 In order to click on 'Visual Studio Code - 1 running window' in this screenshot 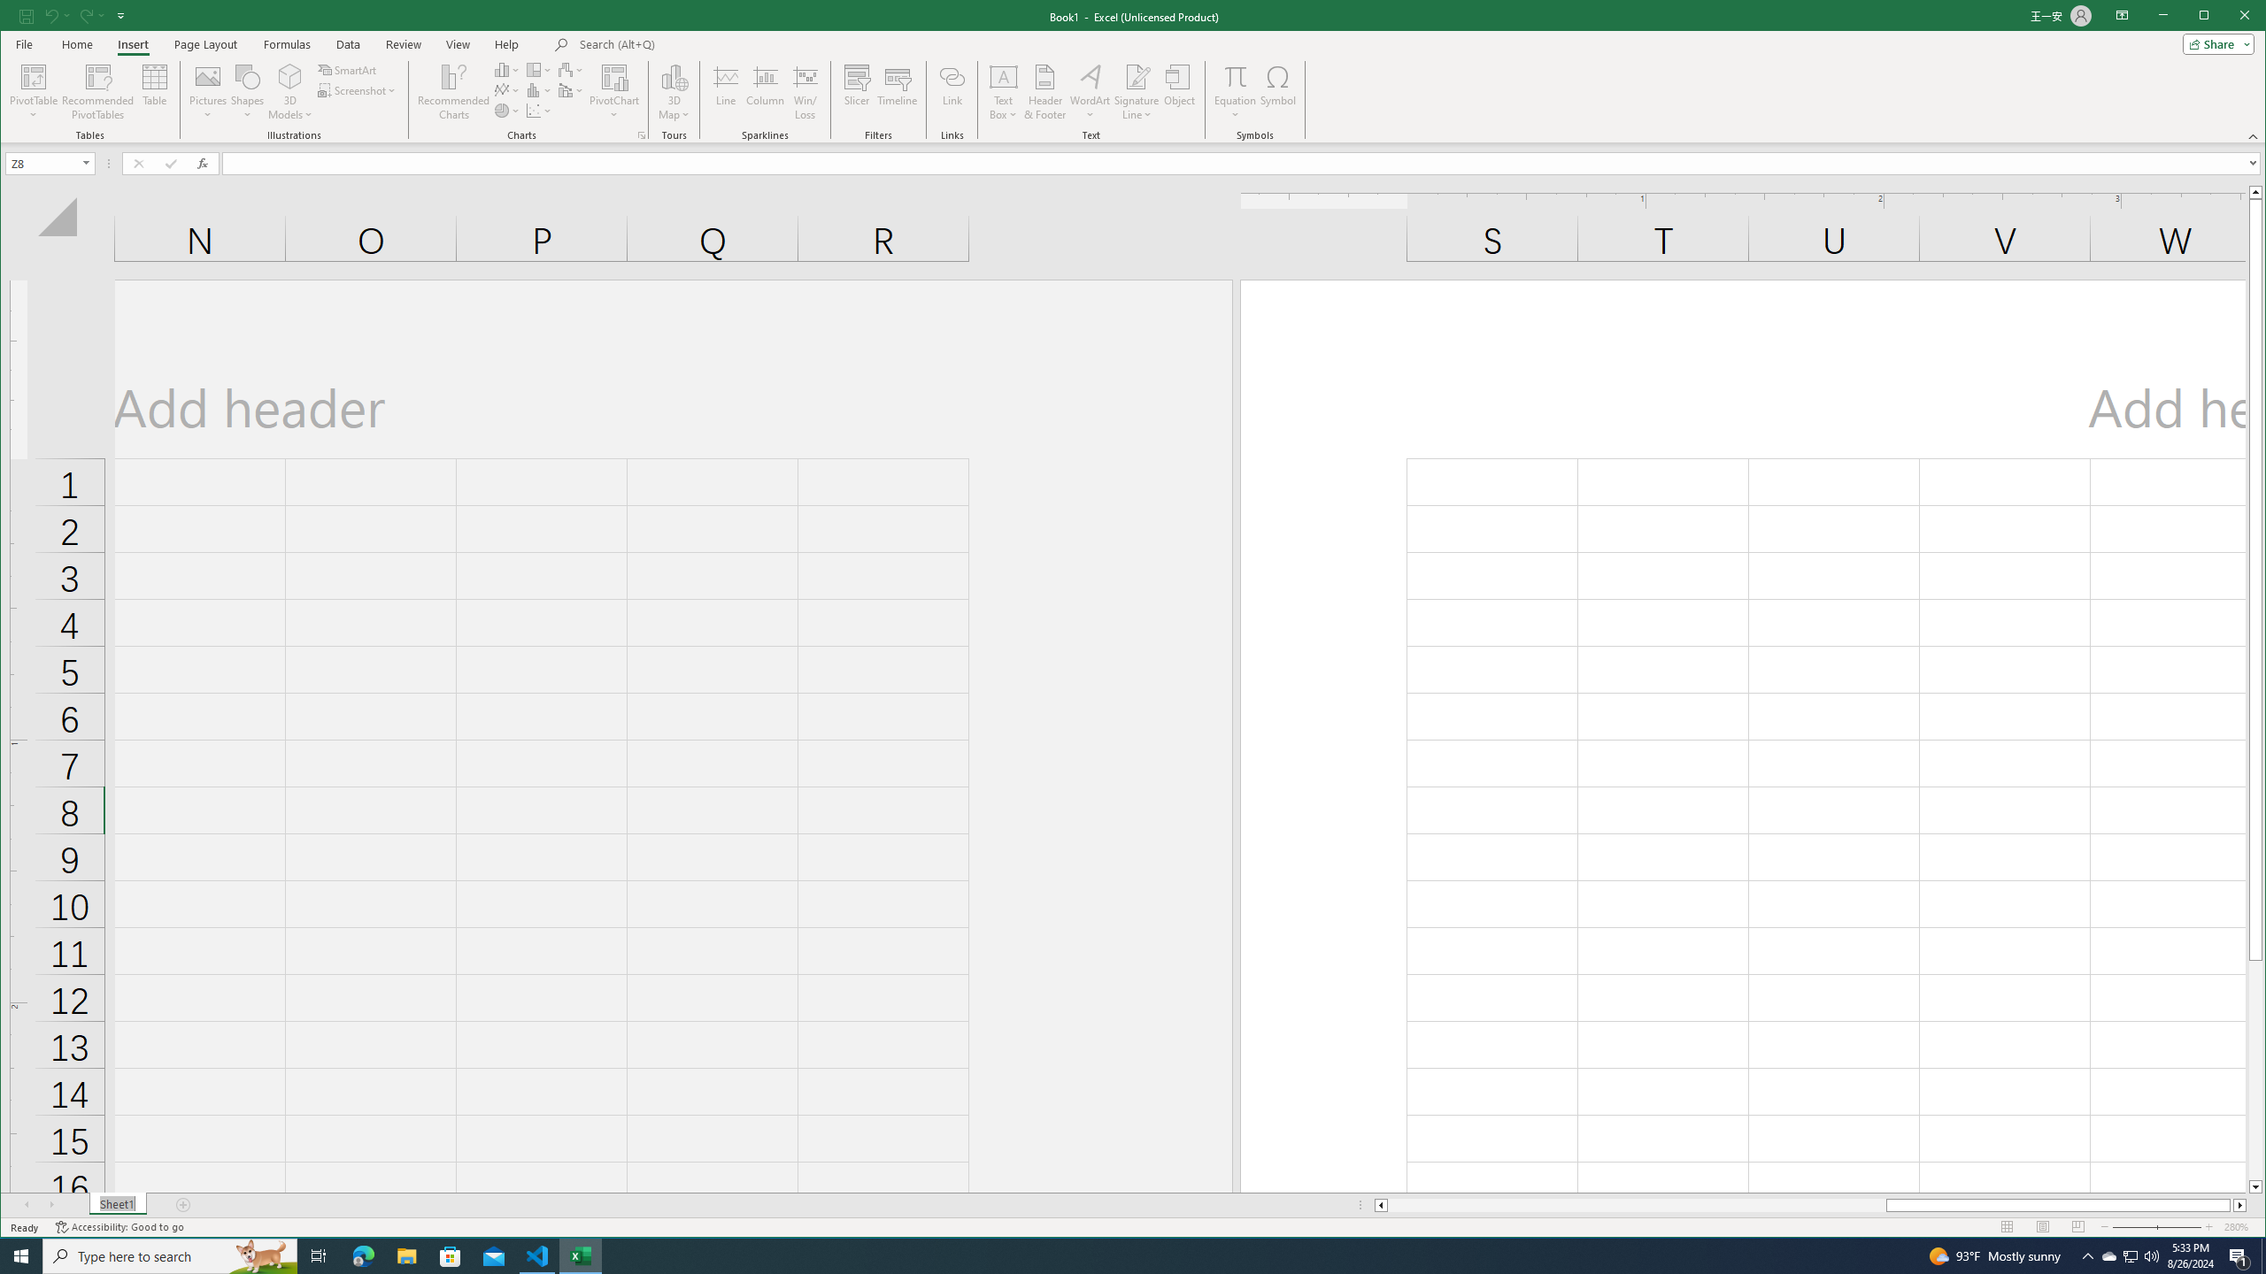, I will do `click(537, 1255)`.